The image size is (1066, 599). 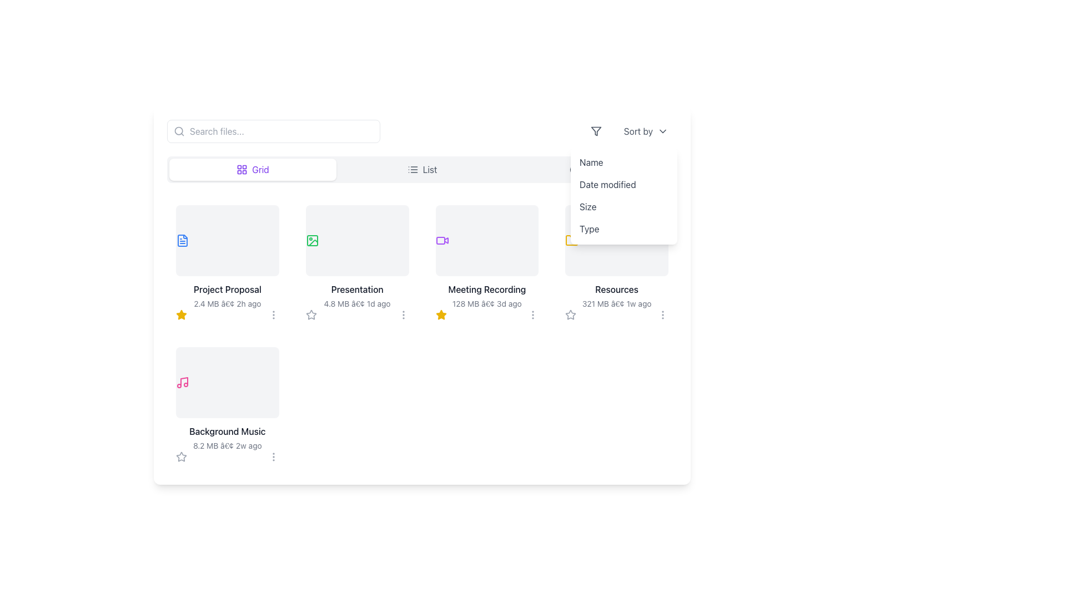 What do you see at coordinates (227, 295) in the screenshot?
I see `the text display element that shows 'Project Proposal' and '2.4 MB • 2h ago'` at bounding box center [227, 295].